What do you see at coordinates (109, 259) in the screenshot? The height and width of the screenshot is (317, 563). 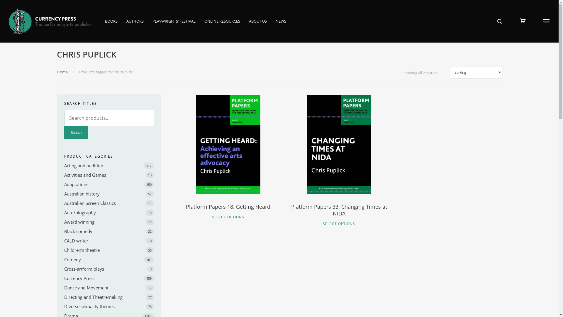 I see `'Comedy'` at bounding box center [109, 259].